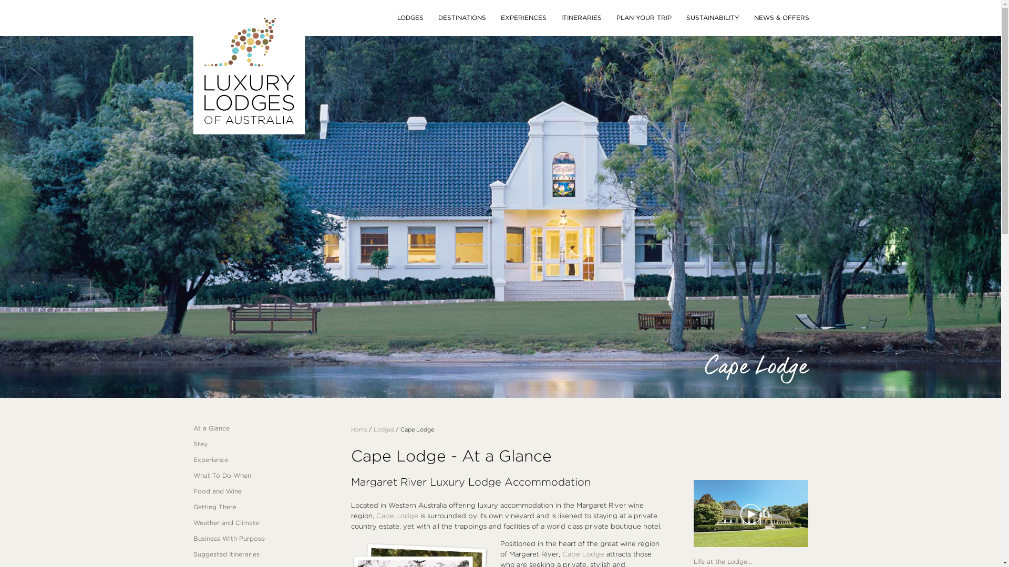 The height and width of the screenshot is (567, 1009). What do you see at coordinates (264, 554) in the screenshot?
I see `'Suggested Itineraries'` at bounding box center [264, 554].